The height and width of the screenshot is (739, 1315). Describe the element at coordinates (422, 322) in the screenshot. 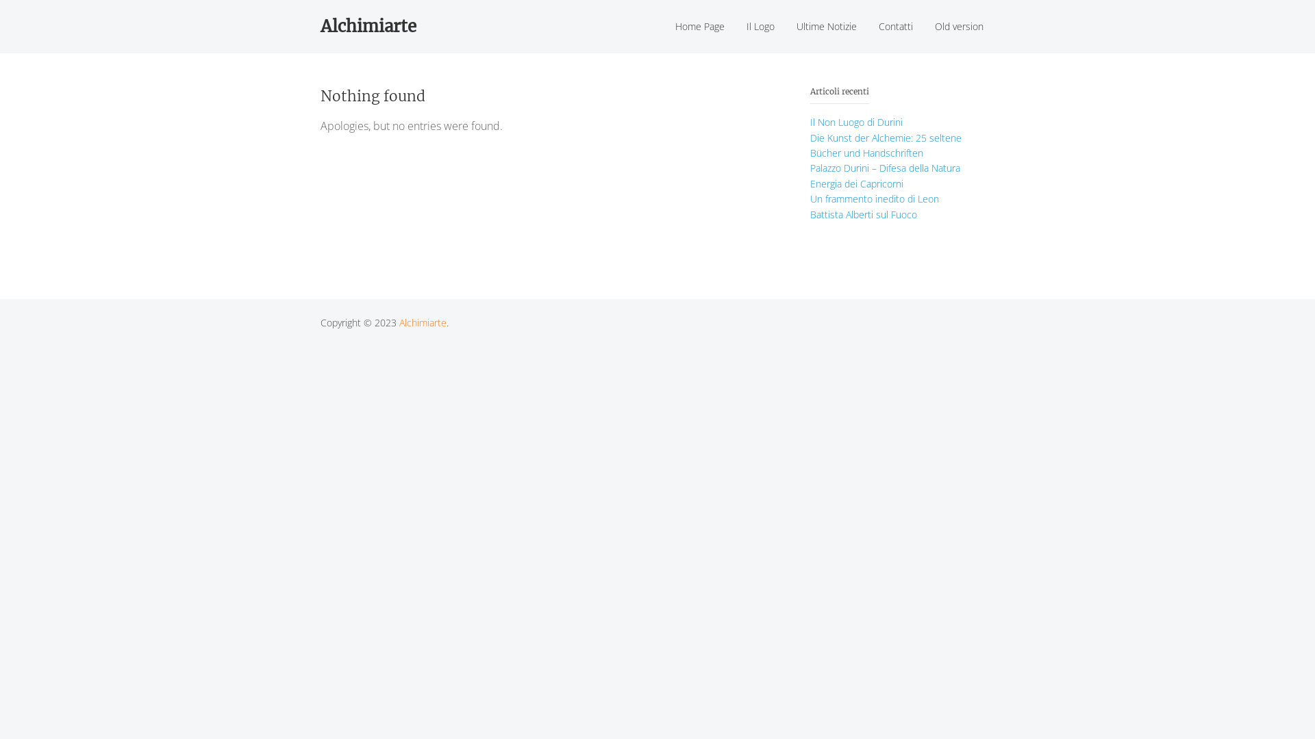

I see `'Alchimiarte'` at that location.